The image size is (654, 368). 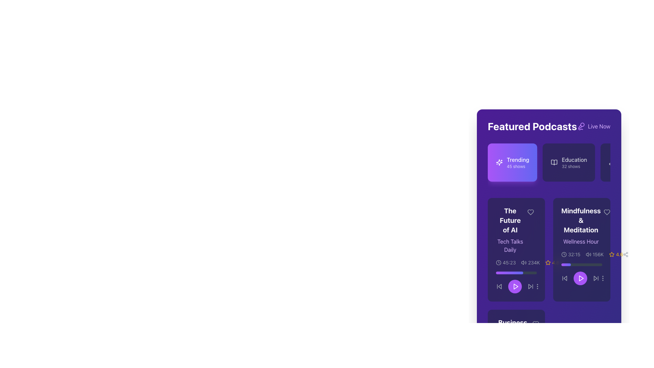 I want to click on the slider value, so click(x=498, y=273).